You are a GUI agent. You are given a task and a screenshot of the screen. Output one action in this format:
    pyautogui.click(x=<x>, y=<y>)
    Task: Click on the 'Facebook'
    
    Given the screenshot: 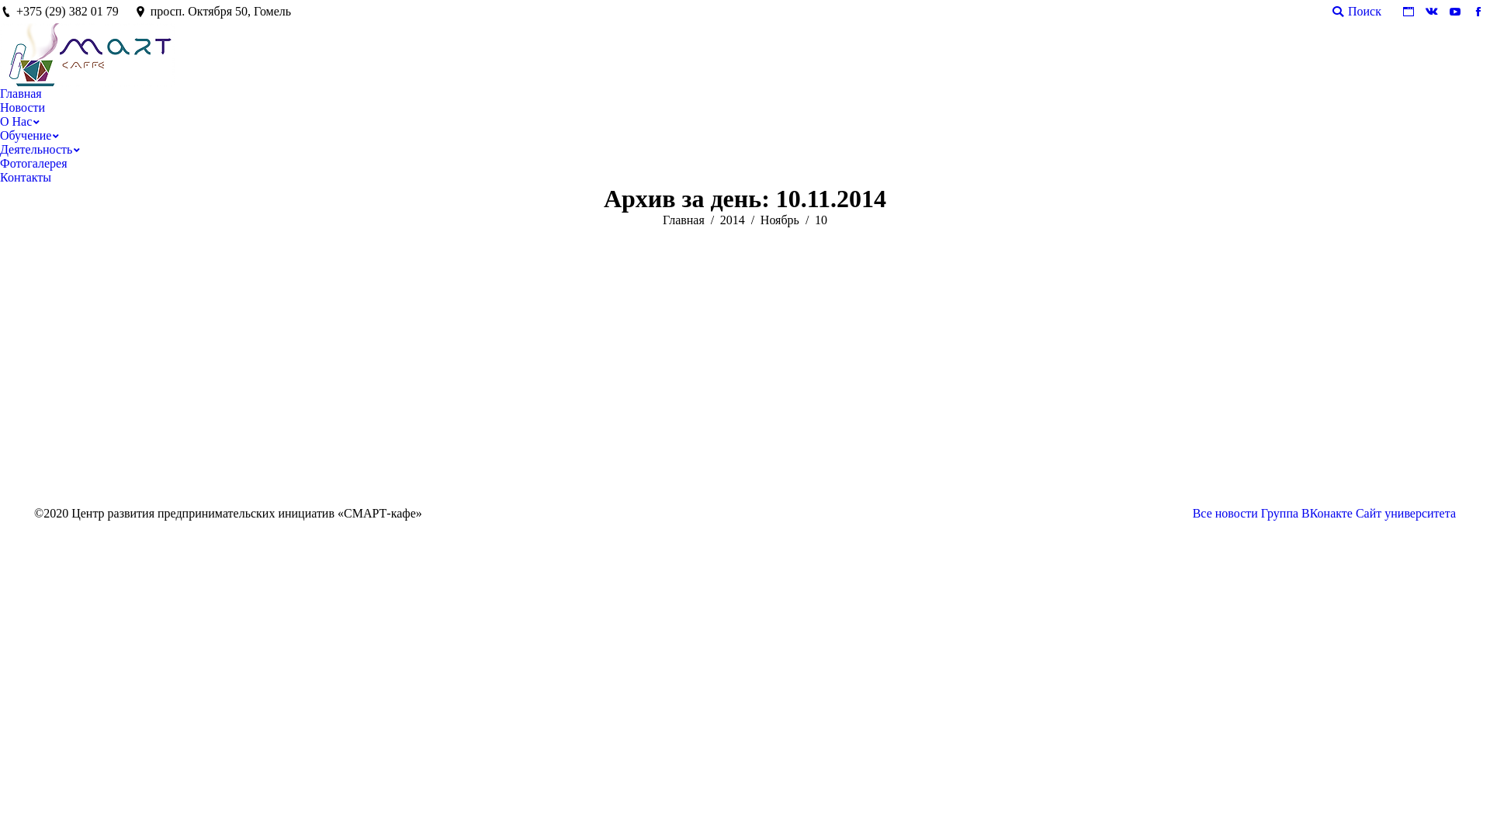 What is the action you would take?
    pyautogui.click(x=1467, y=12)
    